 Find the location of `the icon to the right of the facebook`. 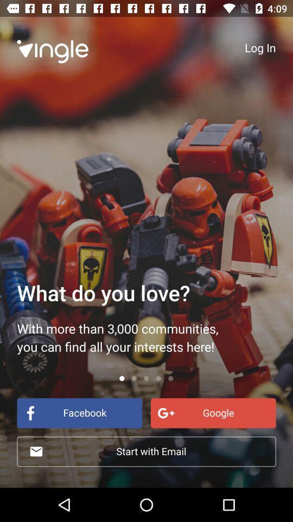

the icon to the right of the facebook is located at coordinates (213, 412).